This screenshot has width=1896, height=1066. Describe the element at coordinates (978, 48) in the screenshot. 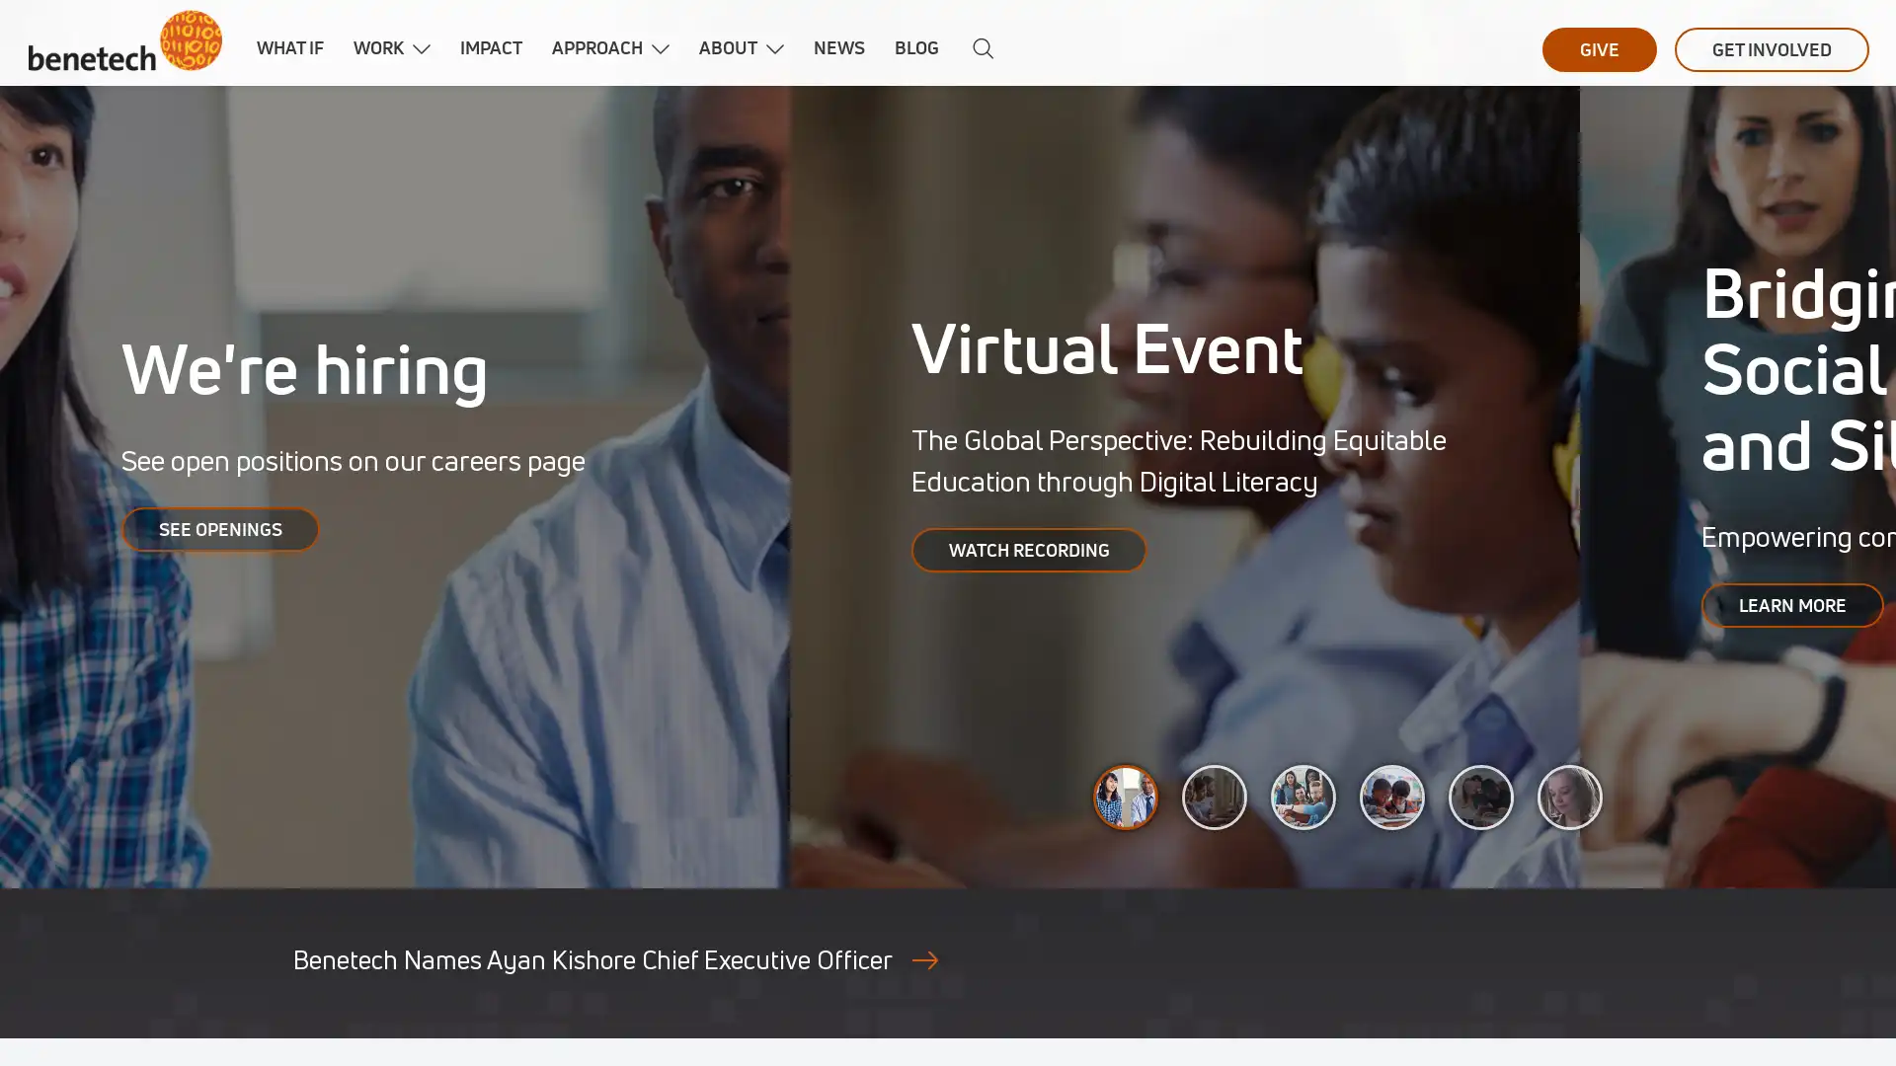

I see `Search` at that location.